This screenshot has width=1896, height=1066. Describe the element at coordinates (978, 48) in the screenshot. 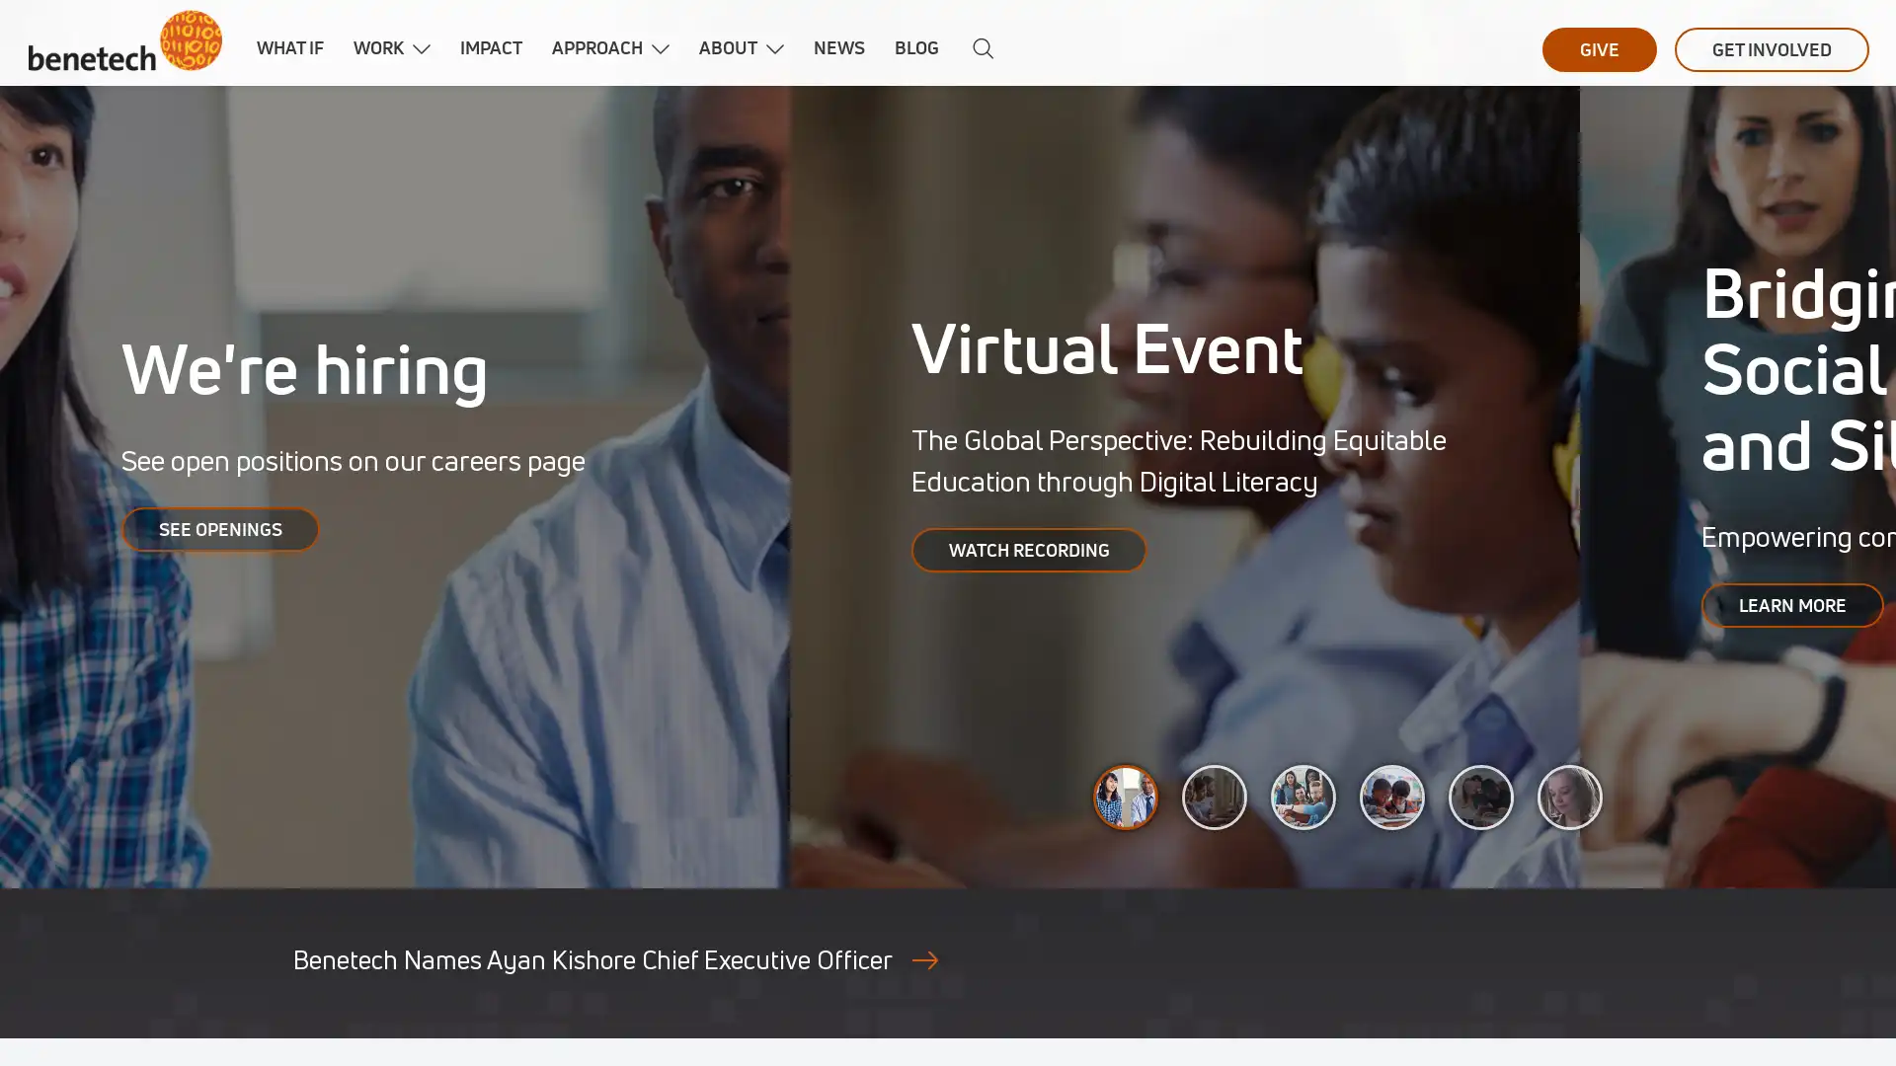

I see `Search` at that location.